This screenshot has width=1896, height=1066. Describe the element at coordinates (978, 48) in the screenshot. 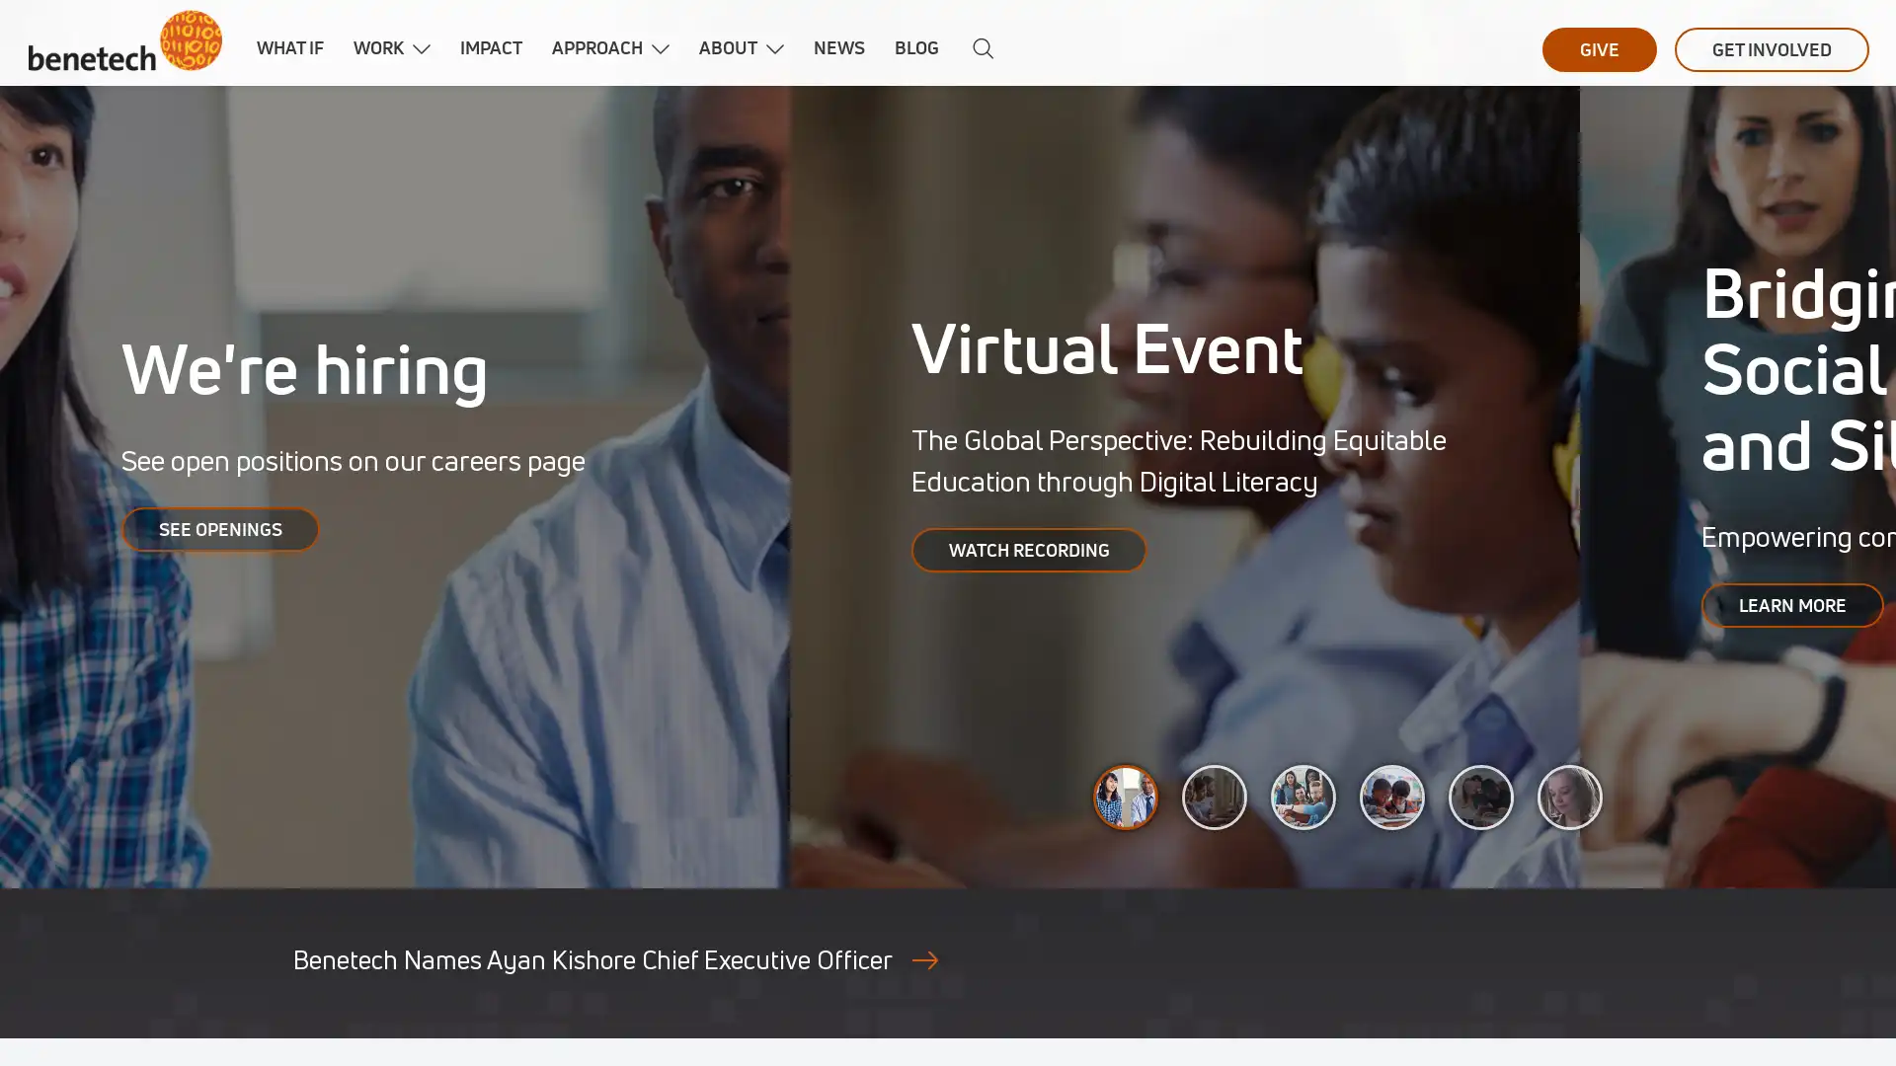

I see `Search` at that location.